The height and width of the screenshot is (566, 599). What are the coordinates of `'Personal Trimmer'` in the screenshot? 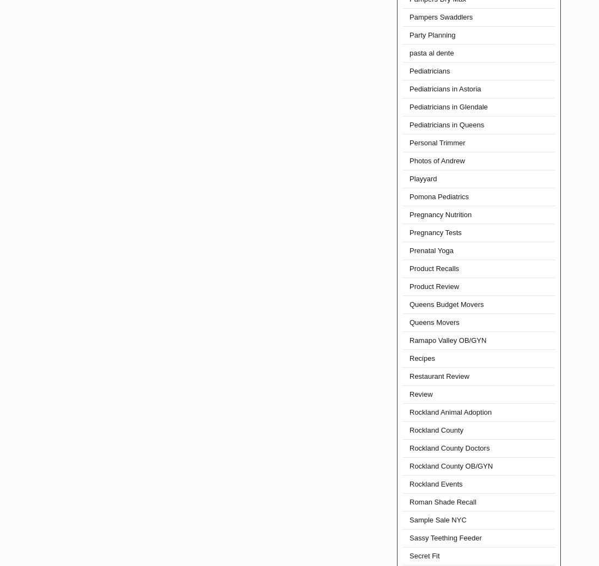 It's located at (437, 142).